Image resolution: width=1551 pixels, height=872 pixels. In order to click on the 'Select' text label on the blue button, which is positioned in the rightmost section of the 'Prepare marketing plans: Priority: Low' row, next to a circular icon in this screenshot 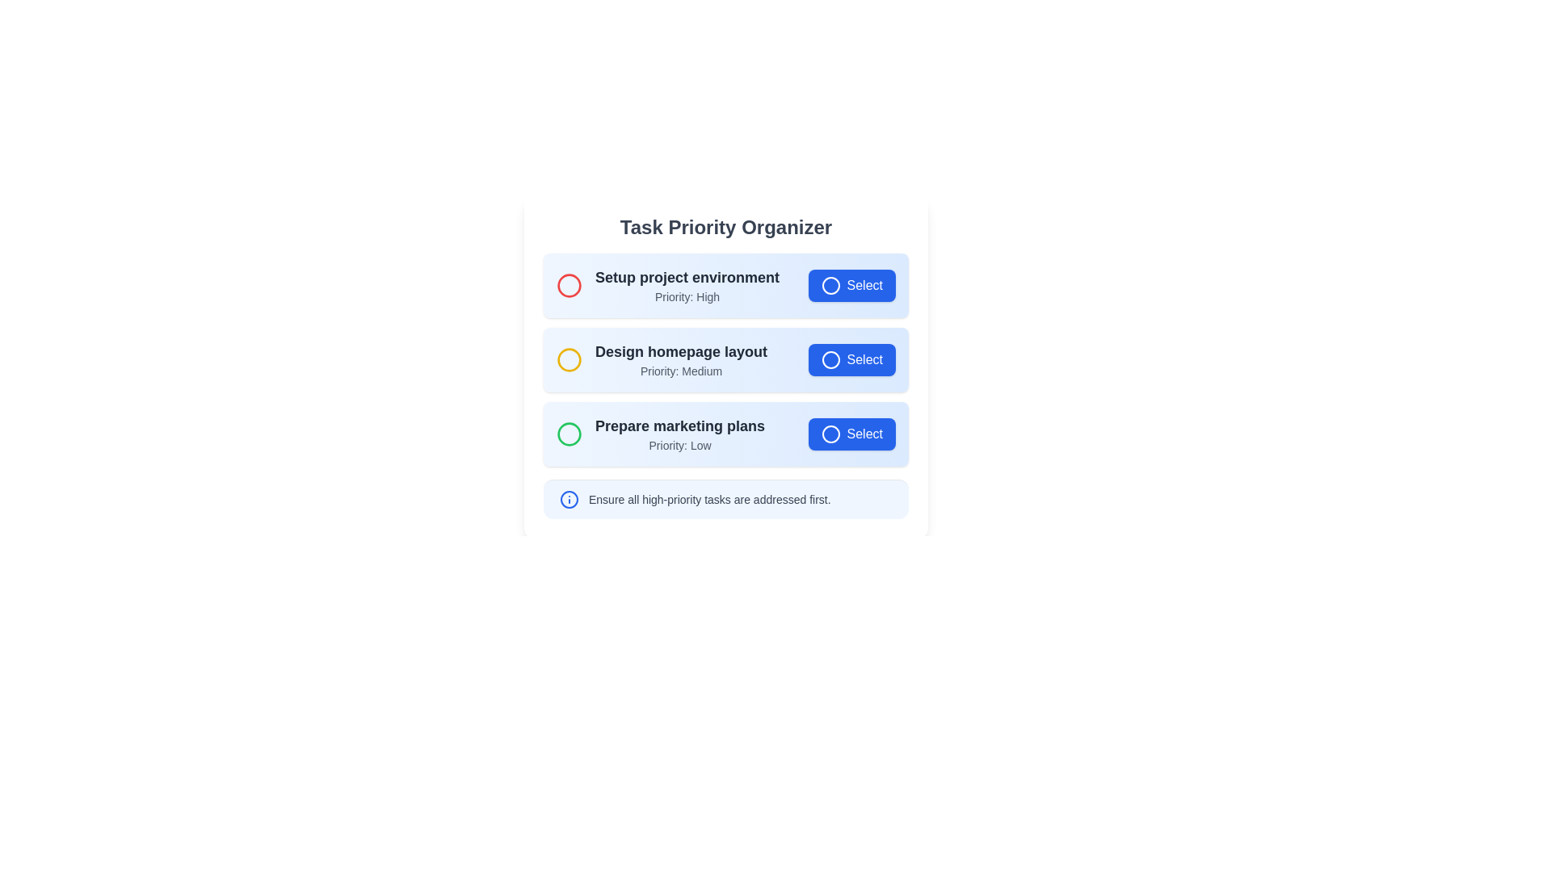, I will do `click(864, 433)`.